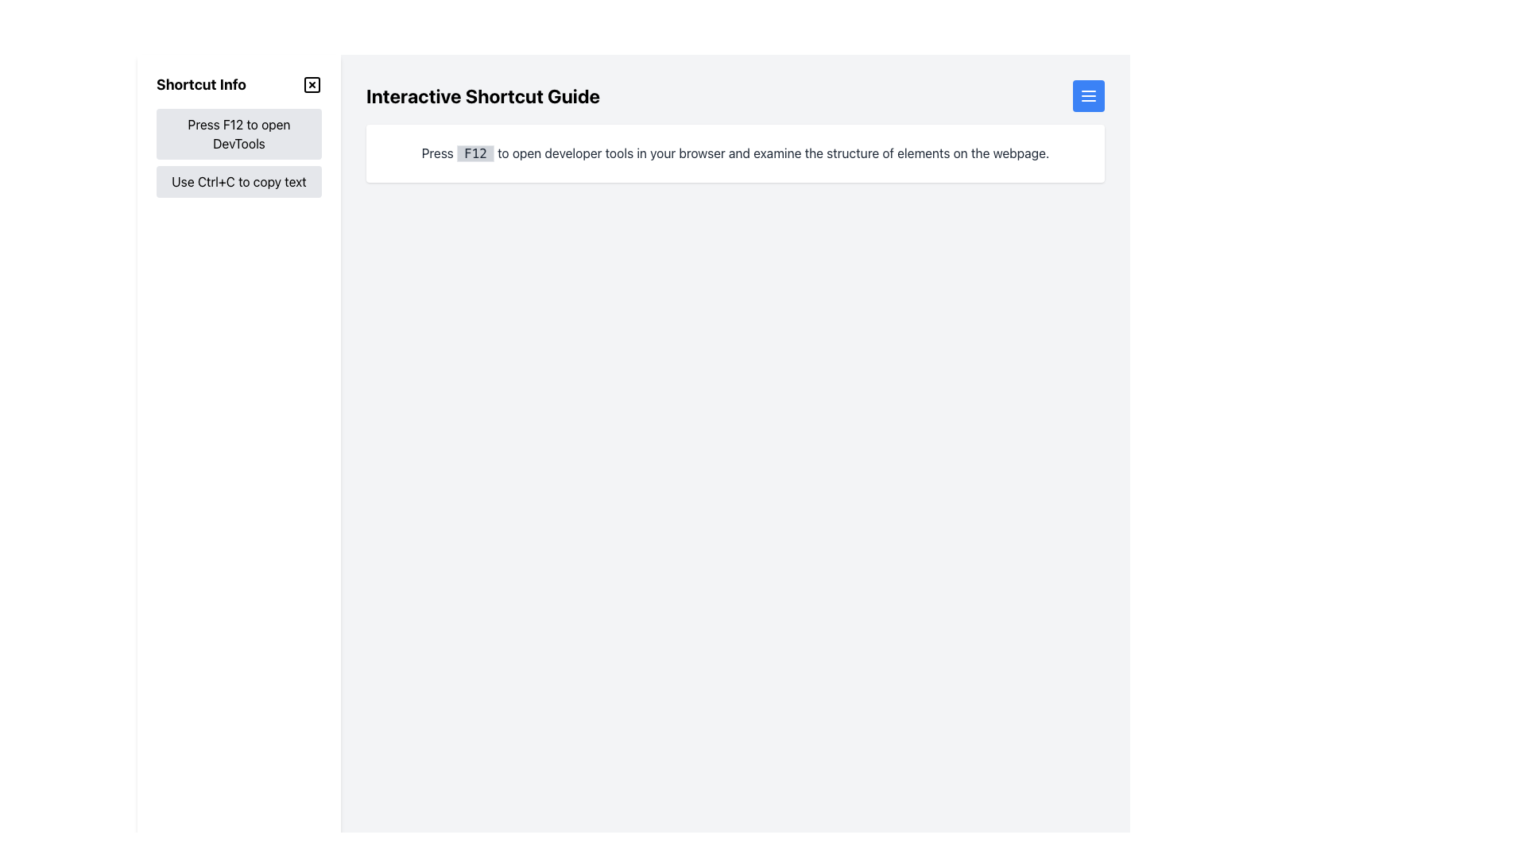  I want to click on the interactive SVG rectangle element with rounded corners located near the top-right corner of the 'Shortcut Info' pane, so click(312, 85).